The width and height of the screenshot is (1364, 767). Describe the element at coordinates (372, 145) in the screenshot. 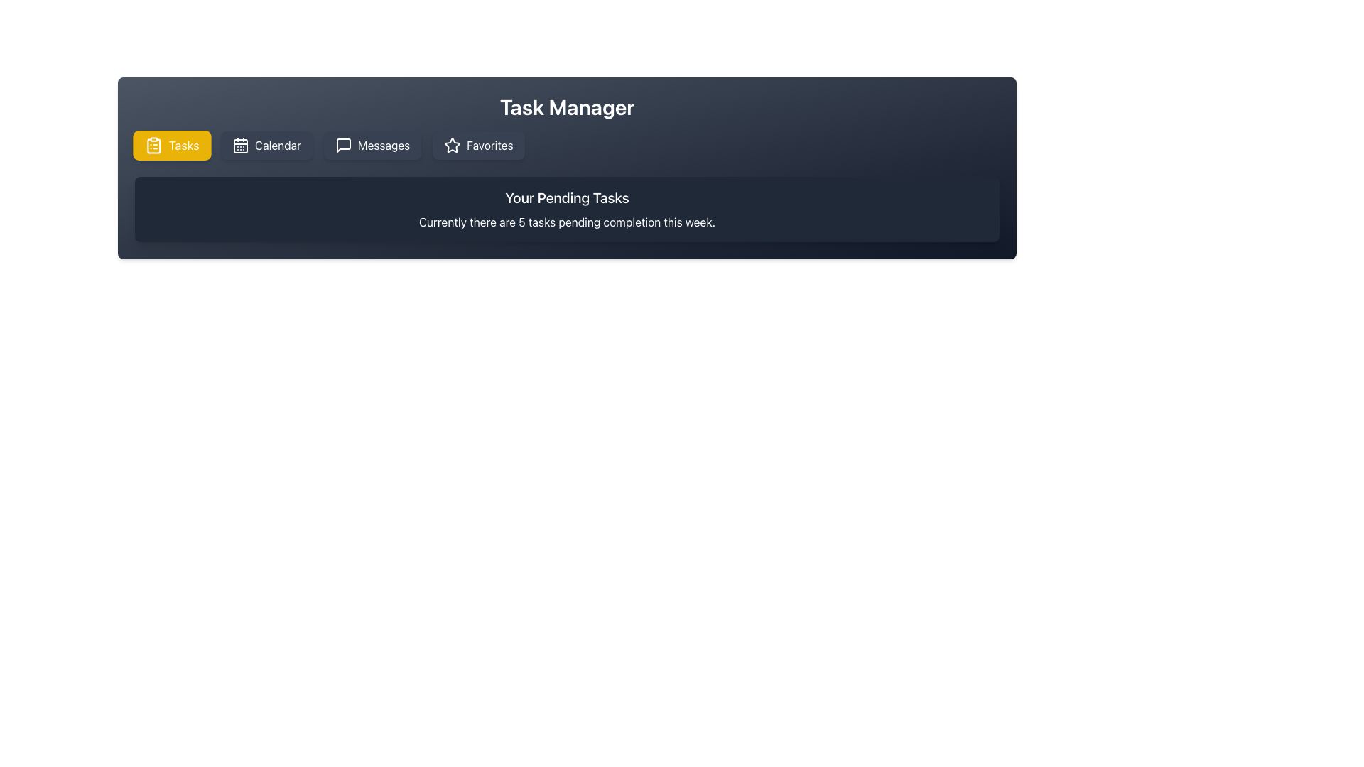

I see `the 'Messages' navigation button located in the horizontal menu` at that location.